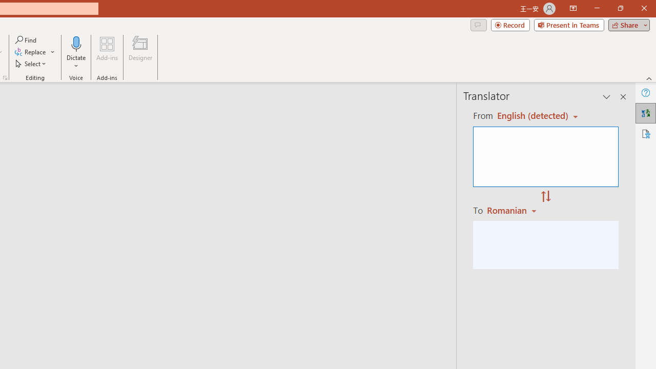 The width and height of the screenshot is (656, 369). I want to click on 'Czech (detected)', so click(533, 115).